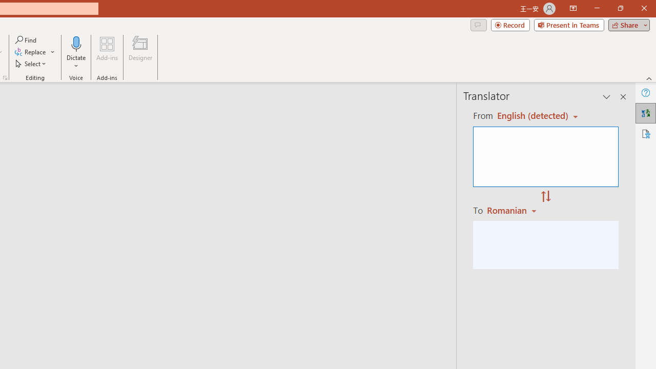 The width and height of the screenshot is (656, 369). I want to click on 'Czech (detected)', so click(533, 115).